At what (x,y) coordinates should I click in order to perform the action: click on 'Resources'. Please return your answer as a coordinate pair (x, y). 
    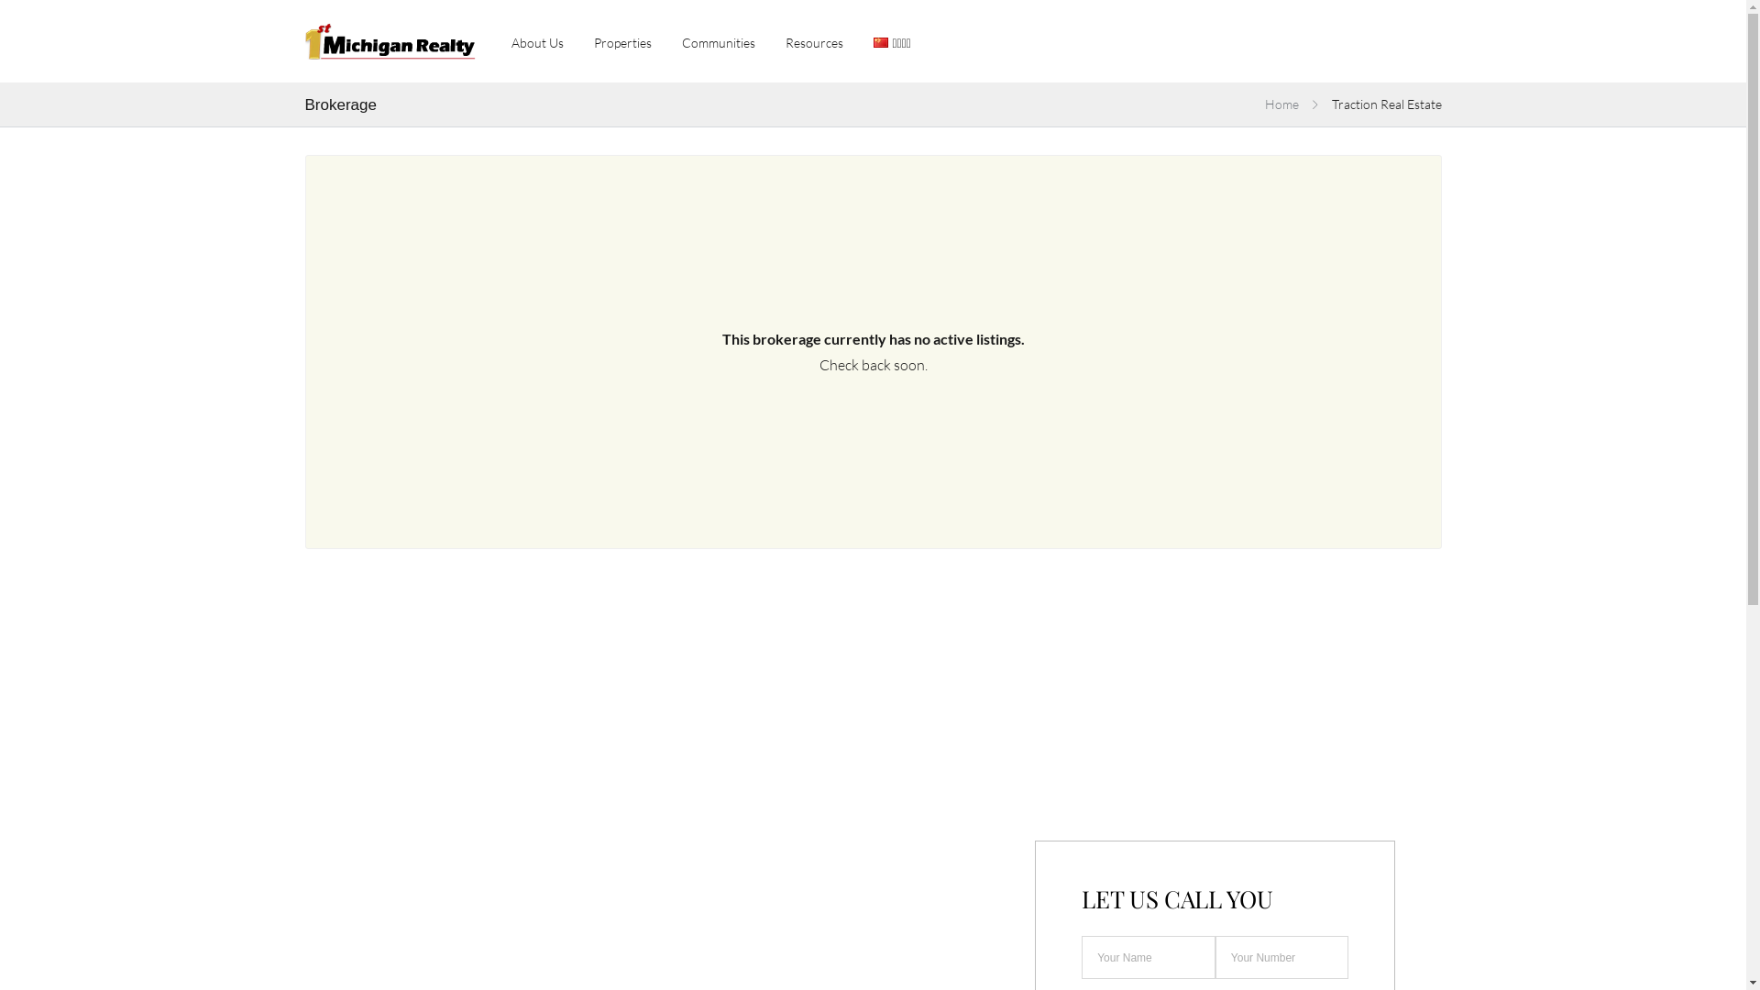
    Looking at the image, I should click on (813, 40).